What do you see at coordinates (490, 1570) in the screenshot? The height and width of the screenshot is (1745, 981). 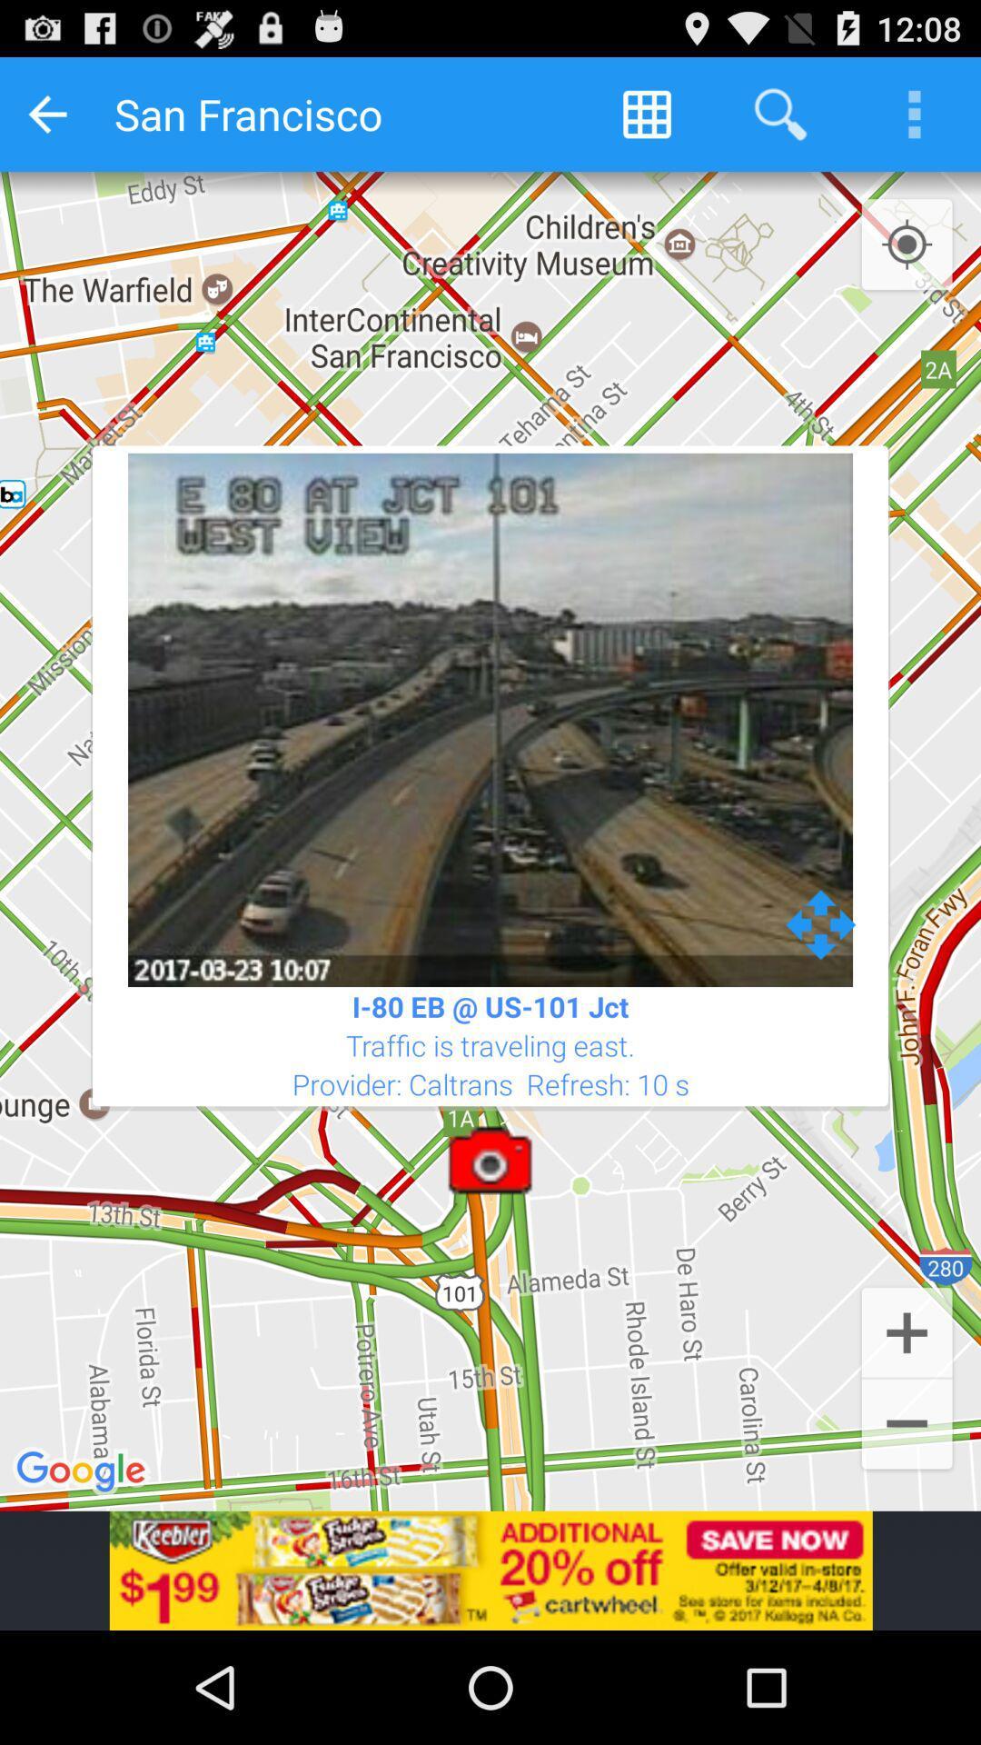 I see `visit advertisement` at bounding box center [490, 1570].